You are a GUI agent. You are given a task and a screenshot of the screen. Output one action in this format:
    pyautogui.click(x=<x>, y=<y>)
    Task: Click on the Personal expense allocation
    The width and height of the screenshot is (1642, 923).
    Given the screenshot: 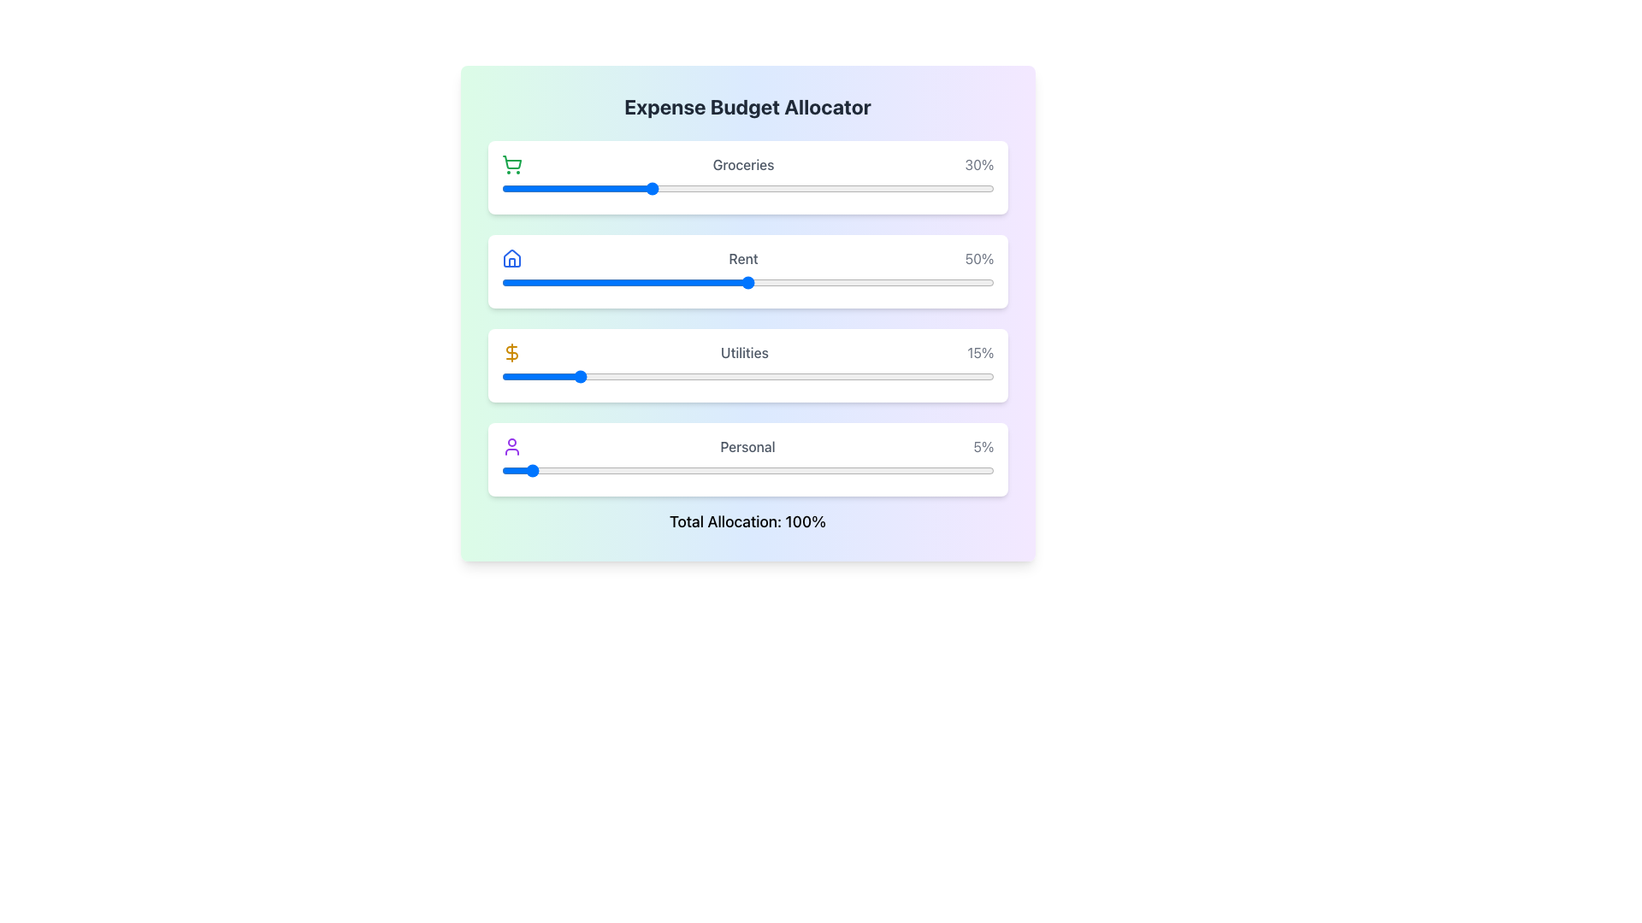 What is the action you would take?
    pyautogui.click(x=806, y=471)
    